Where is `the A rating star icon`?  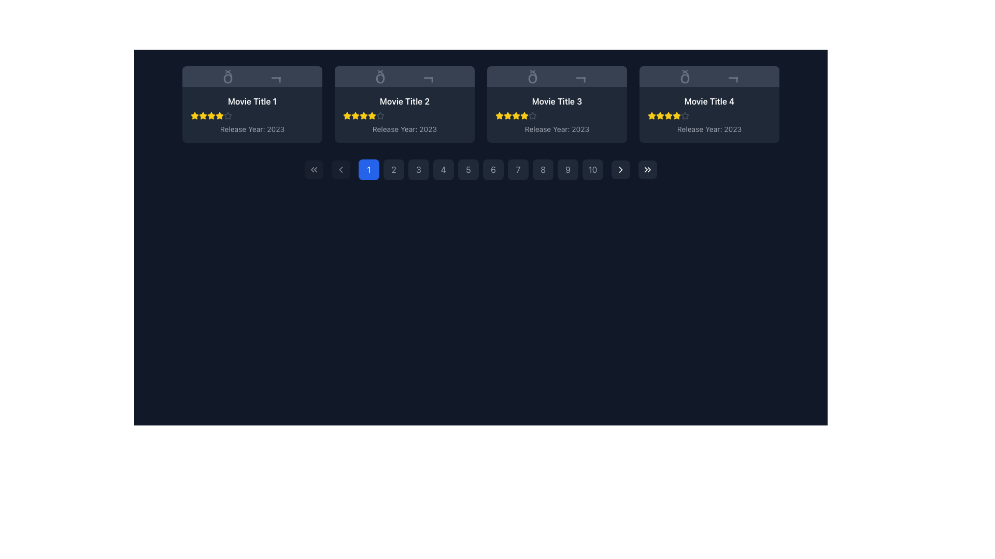 the A rating star icon is located at coordinates (228, 115).